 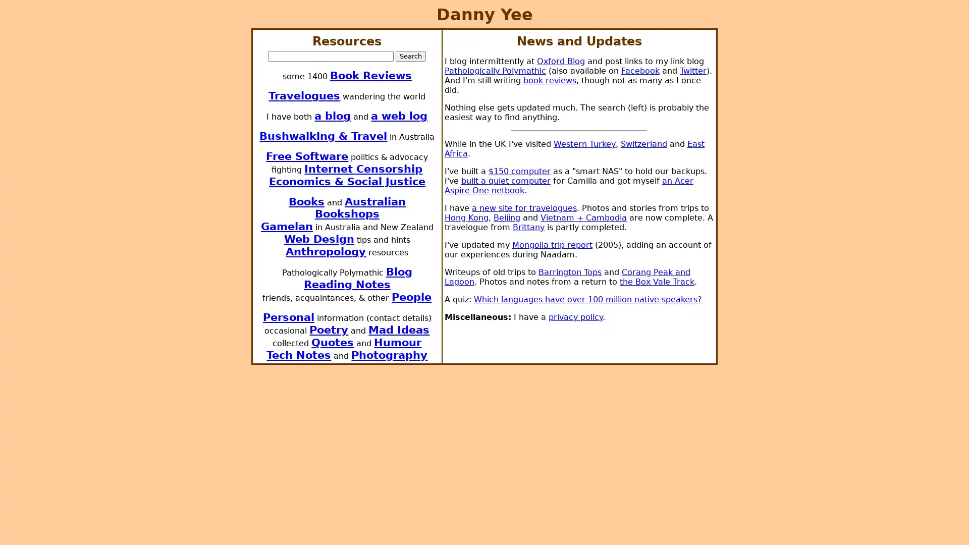 What do you see at coordinates (411, 56) in the screenshot?
I see `Search` at bounding box center [411, 56].